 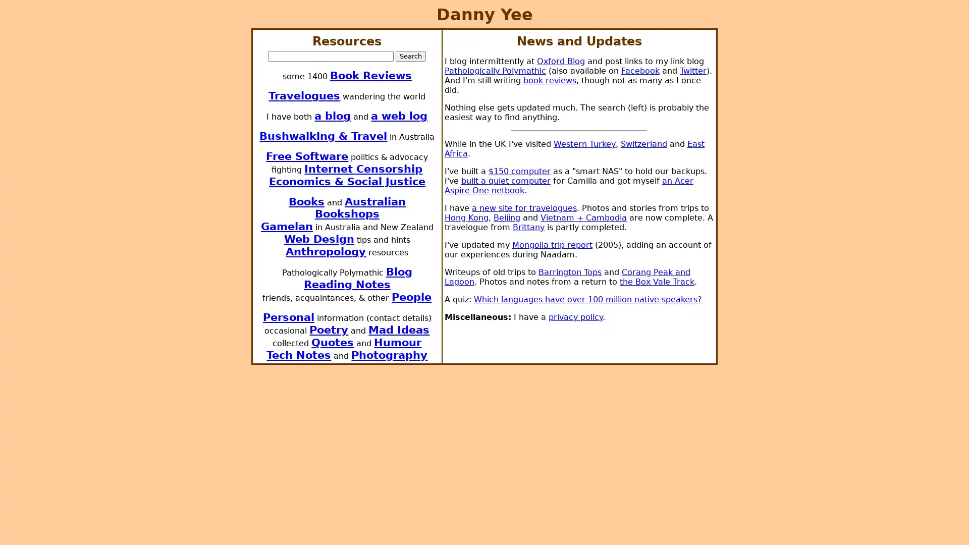 What do you see at coordinates (411, 56) in the screenshot?
I see `Search` at bounding box center [411, 56].